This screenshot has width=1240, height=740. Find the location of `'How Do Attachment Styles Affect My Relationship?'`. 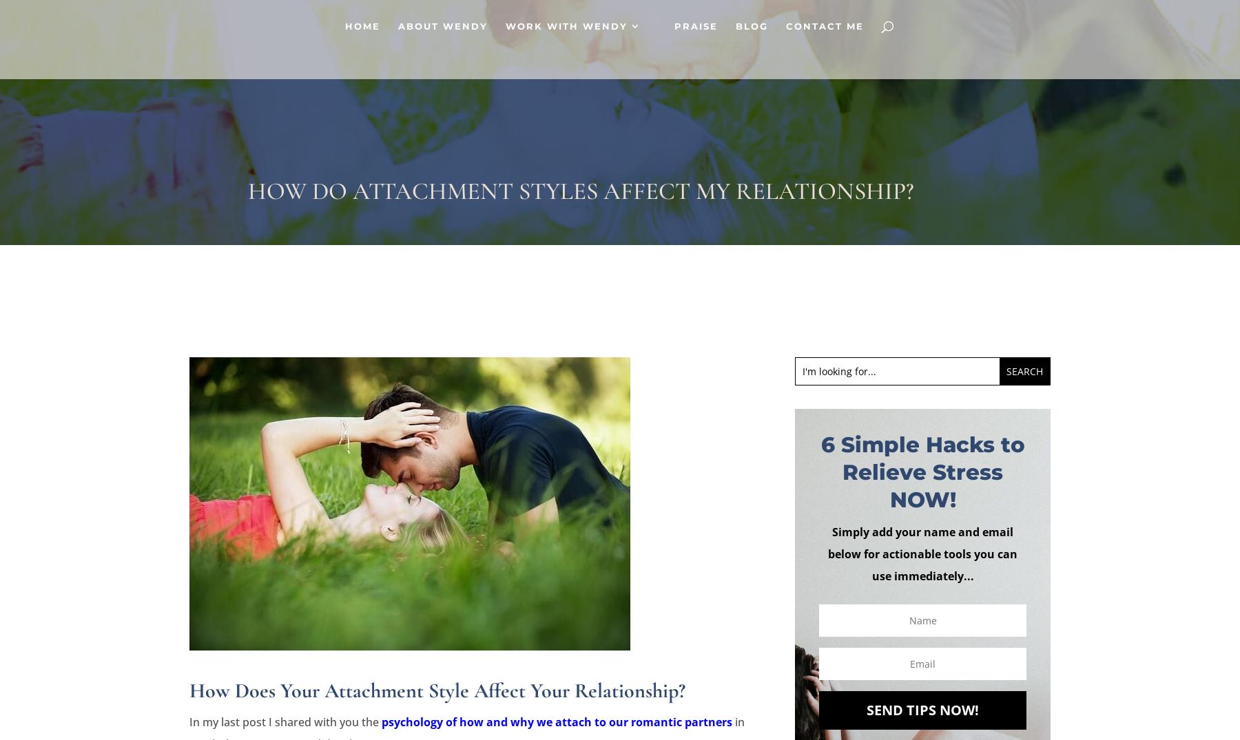

'How Do Attachment Styles Affect My Relationship?' is located at coordinates (581, 191).